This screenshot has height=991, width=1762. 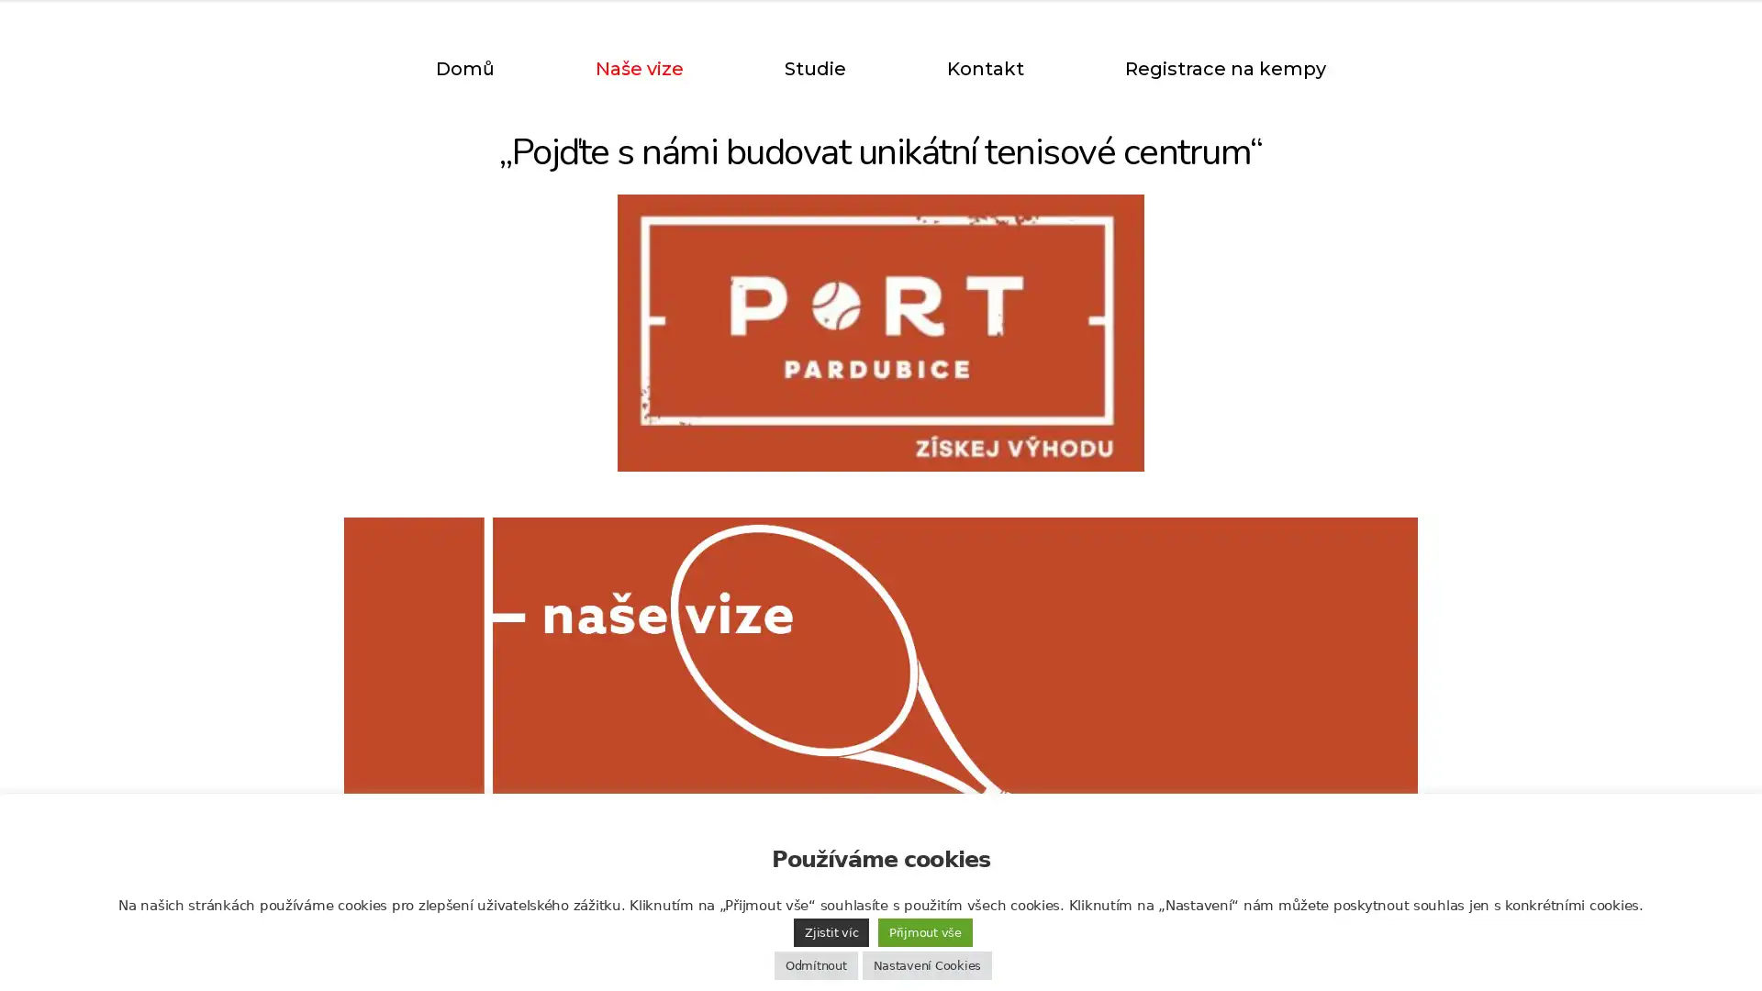 I want to click on Nastaveni Cookies, so click(x=926, y=964).